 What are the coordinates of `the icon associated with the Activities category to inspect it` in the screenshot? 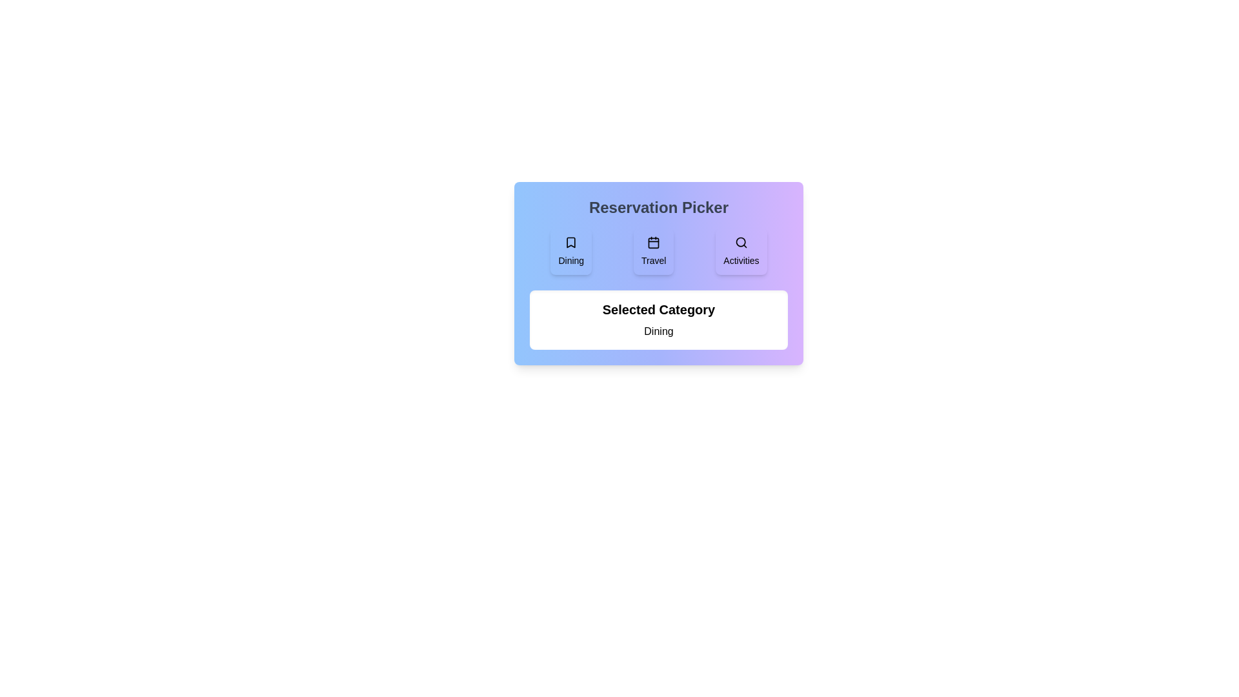 It's located at (741, 251).